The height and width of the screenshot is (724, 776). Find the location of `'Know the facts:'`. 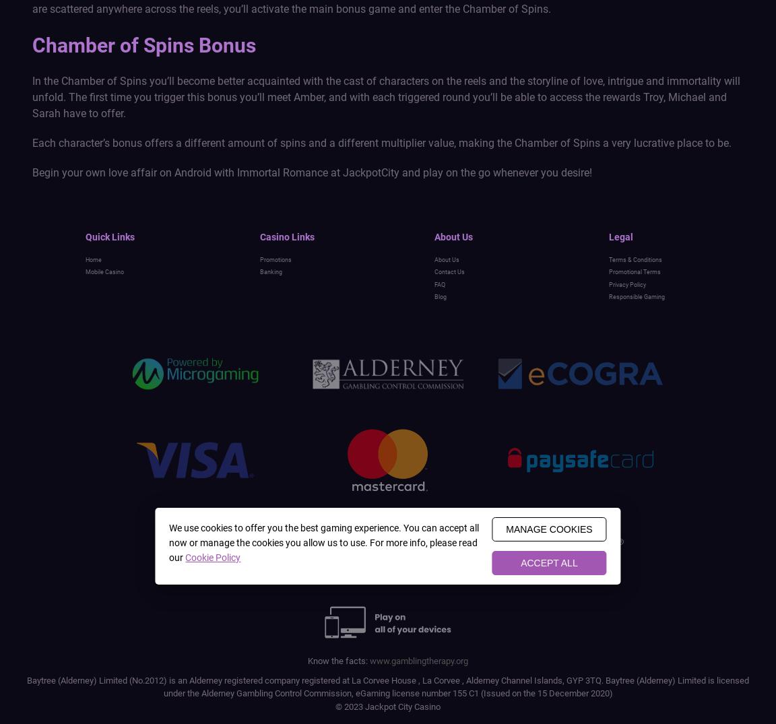

'Know the facts:' is located at coordinates (338, 660).